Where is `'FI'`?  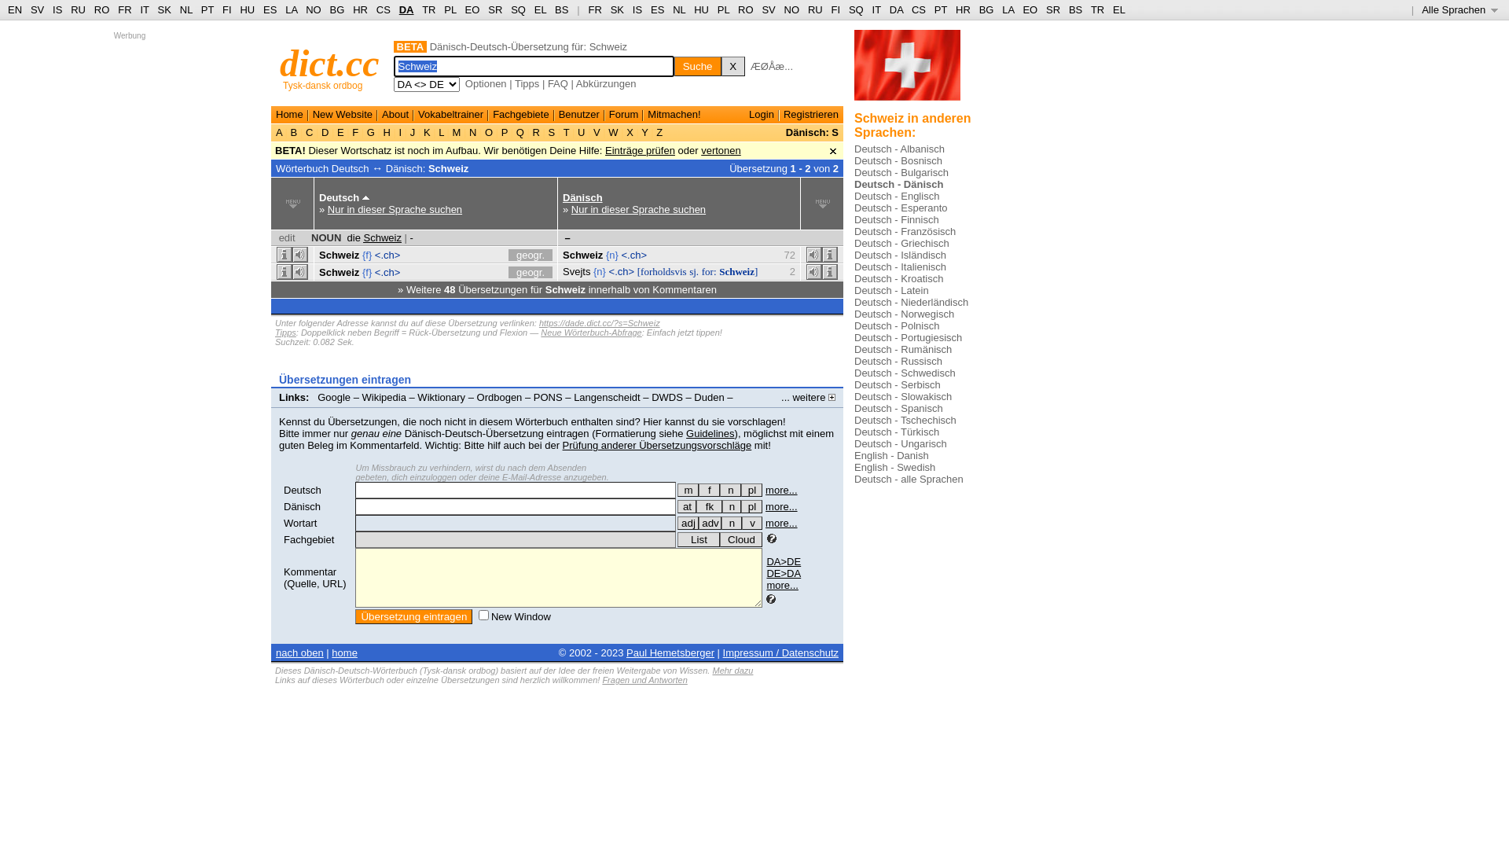 'FI' is located at coordinates (835, 9).